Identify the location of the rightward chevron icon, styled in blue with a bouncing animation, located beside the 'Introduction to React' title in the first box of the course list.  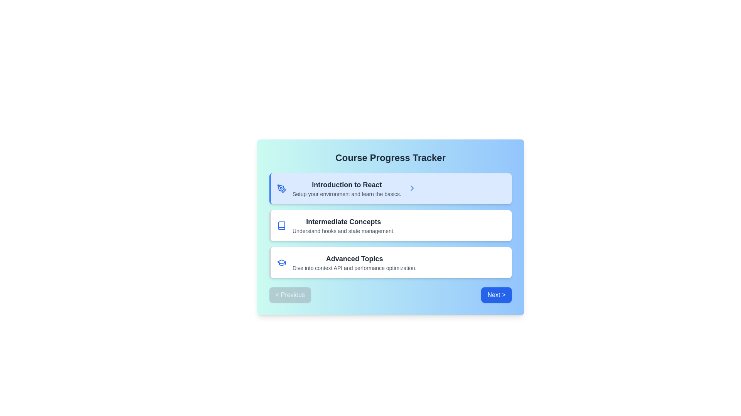
(411, 188).